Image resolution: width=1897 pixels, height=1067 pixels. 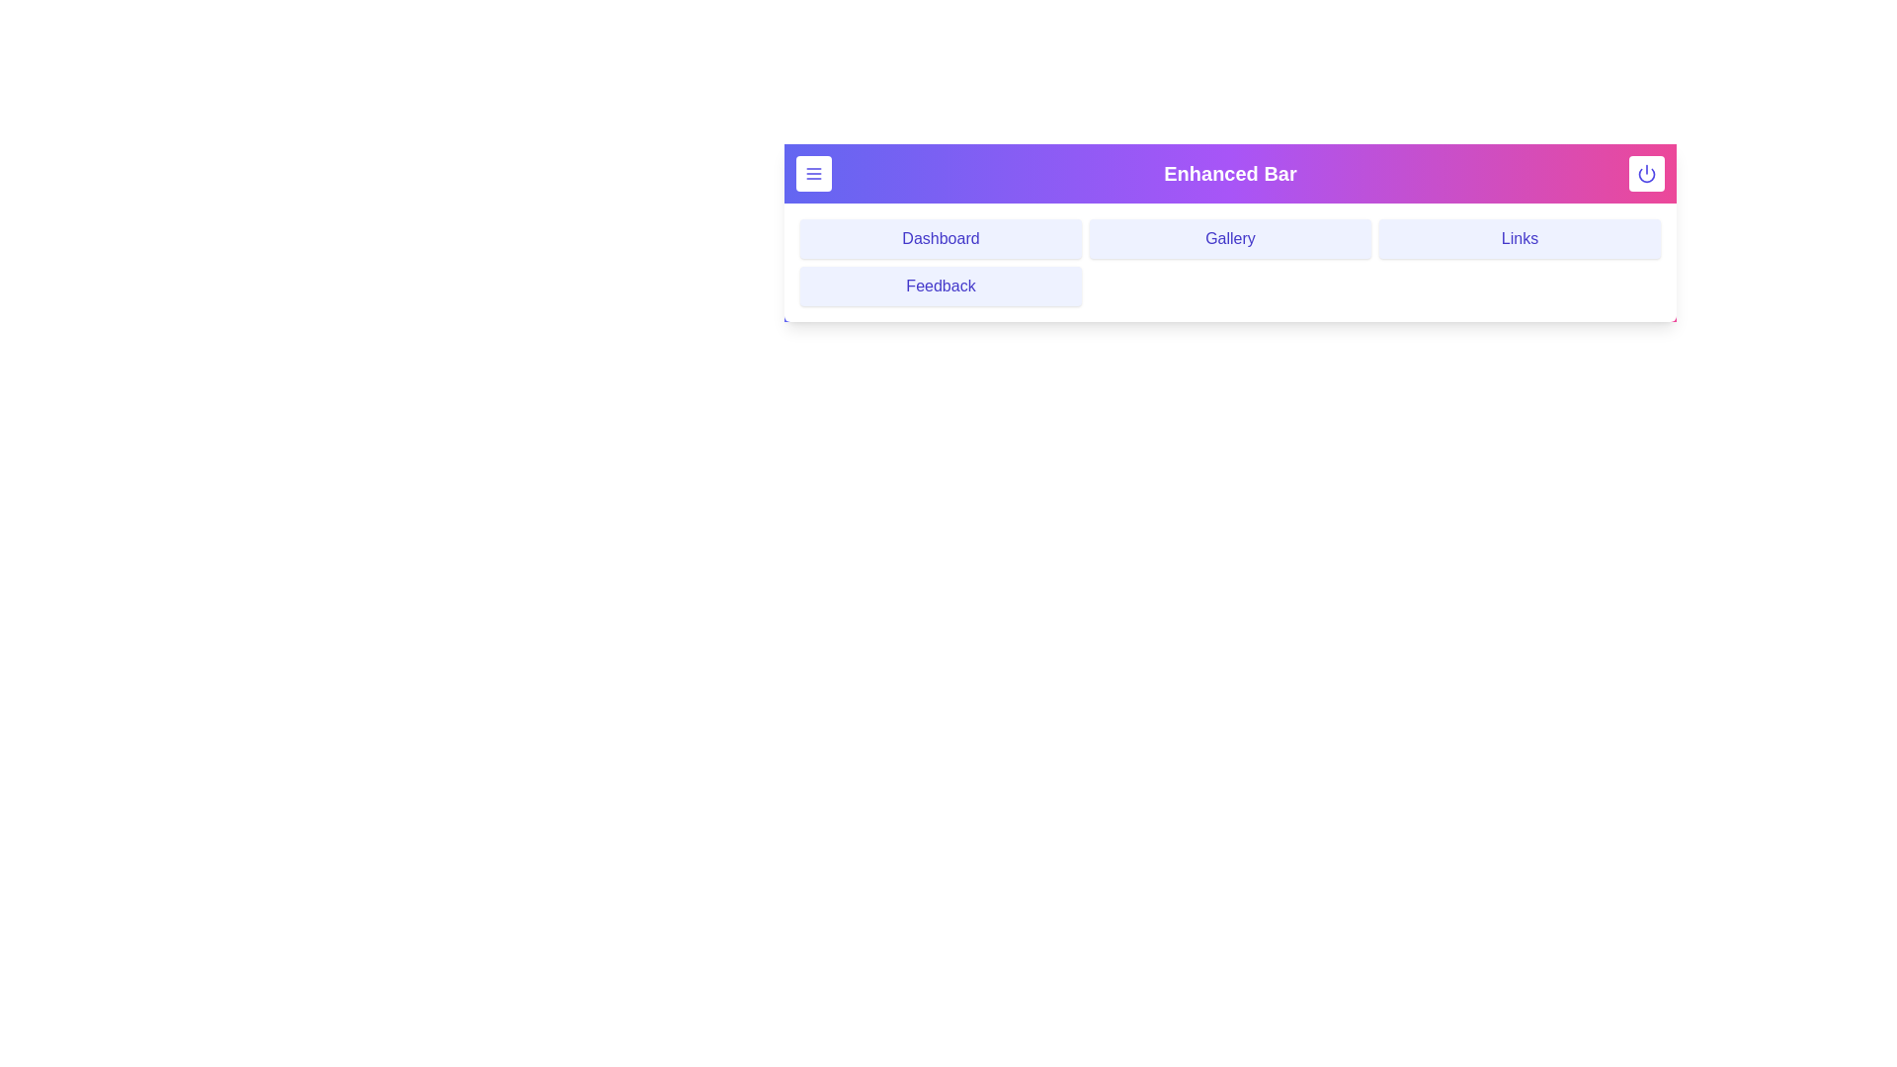 I want to click on the menu button labeled Feedback, so click(x=940, y=286).